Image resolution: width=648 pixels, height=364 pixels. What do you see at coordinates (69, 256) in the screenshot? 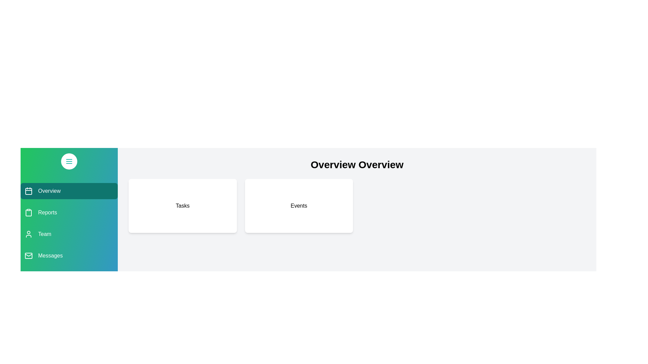
I see `the navigation section Messages` at bounding box center [69, 256].